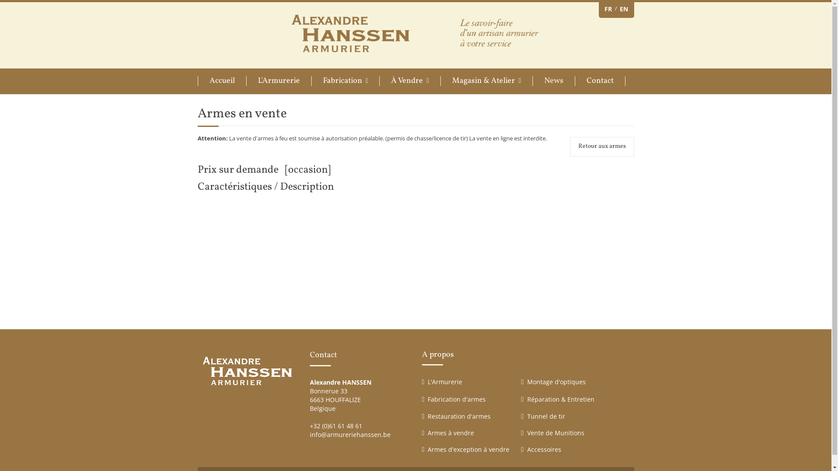 Image resolution: width=838 pixels, height=471 pixels. I want to click on 'Accueil', so click(196, 81).